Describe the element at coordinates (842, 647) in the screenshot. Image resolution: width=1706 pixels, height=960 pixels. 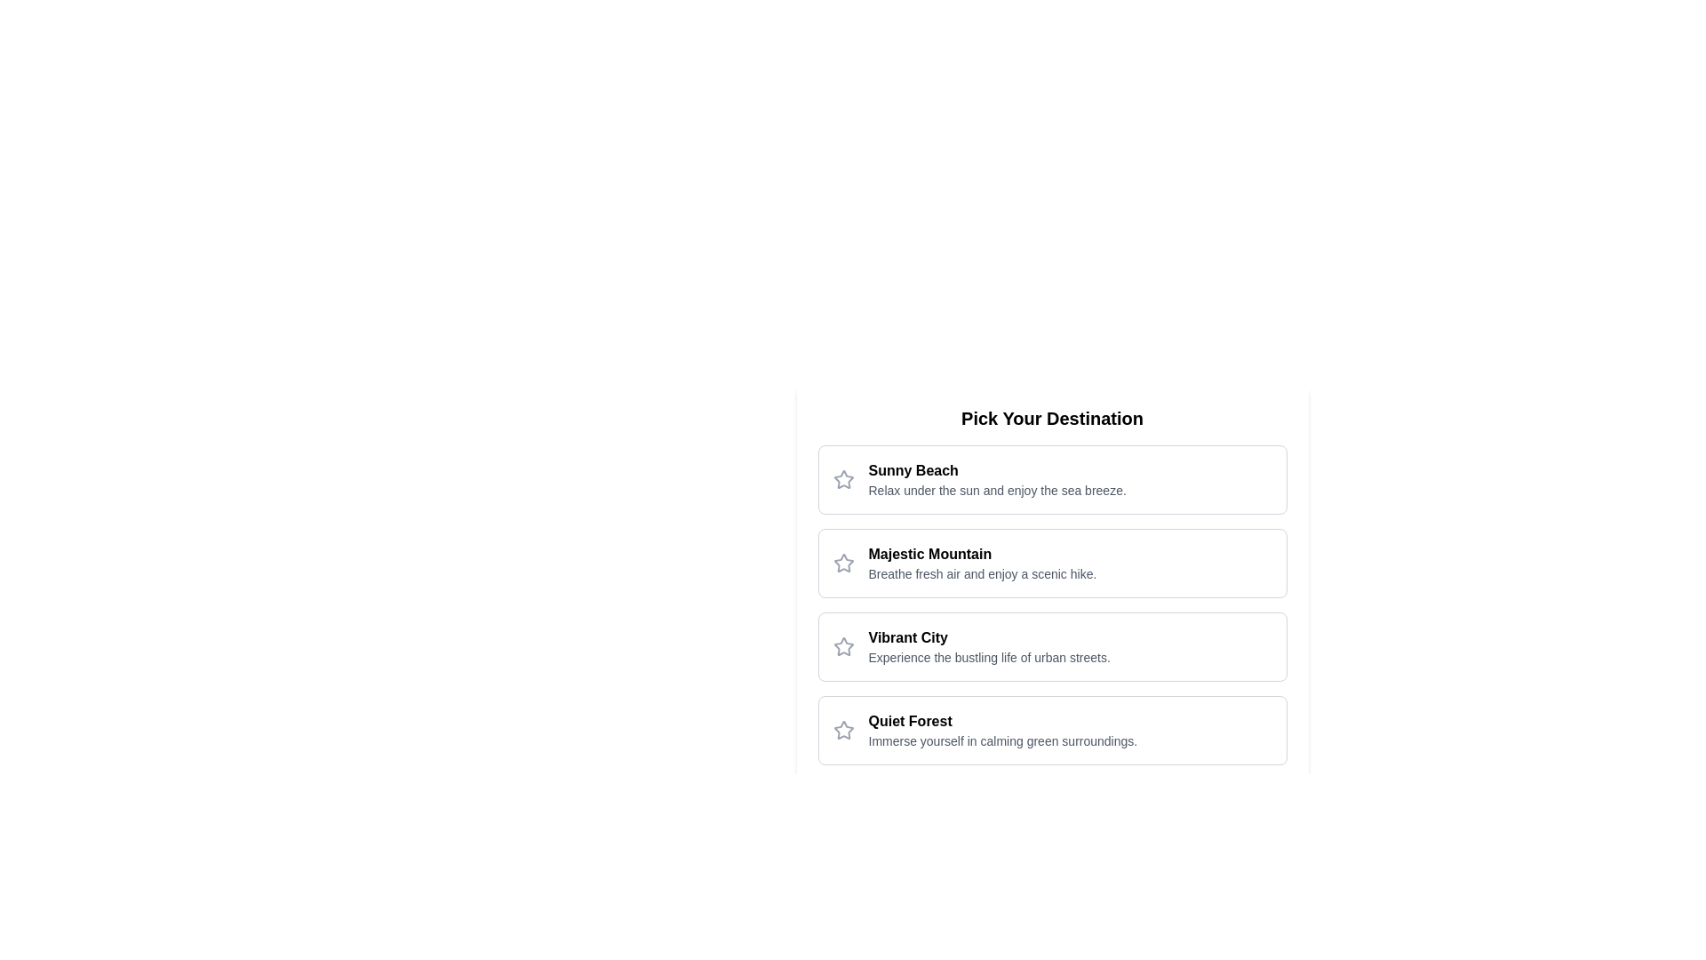
I see `the star icon located in the third card from the top, aligned with the 'Vibrant City' text` at that location.